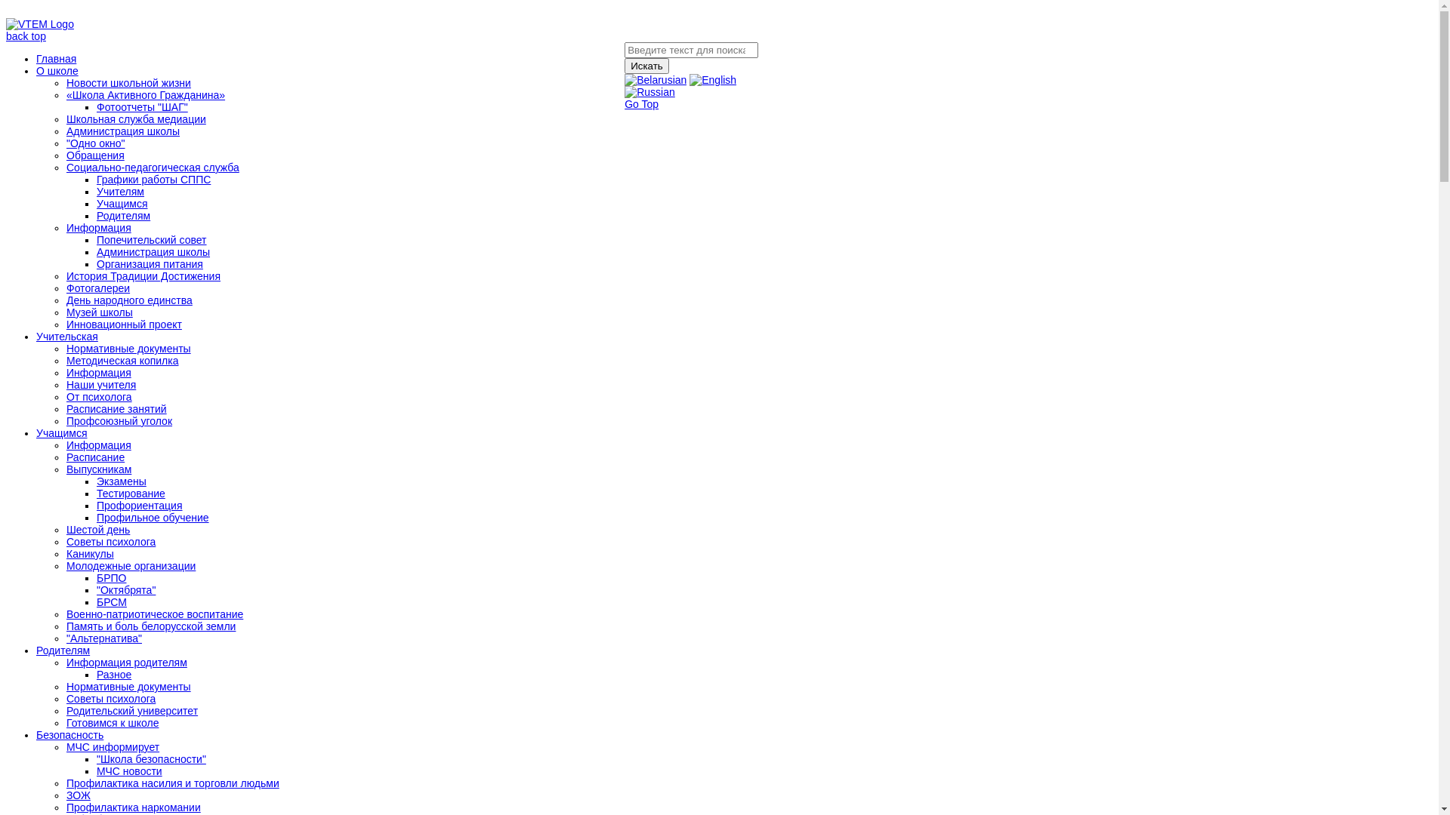 This screenshot has height=815, width=1450. I want to click on 'Go Top', so click(641, 103).